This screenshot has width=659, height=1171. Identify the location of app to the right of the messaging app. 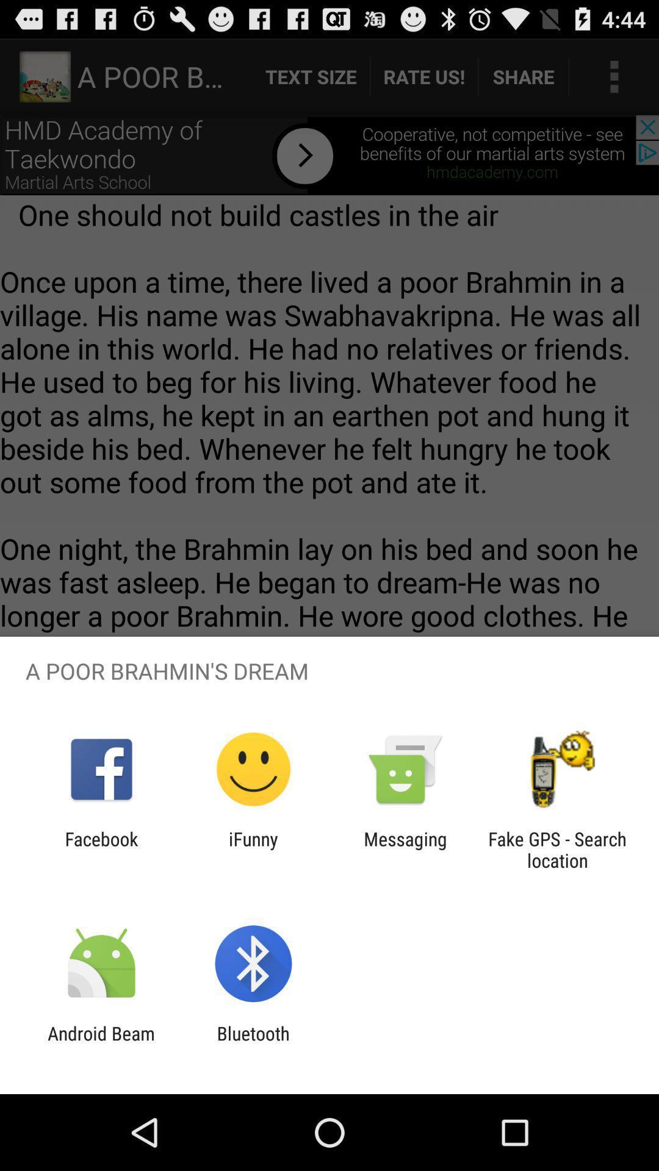
(557, 849).